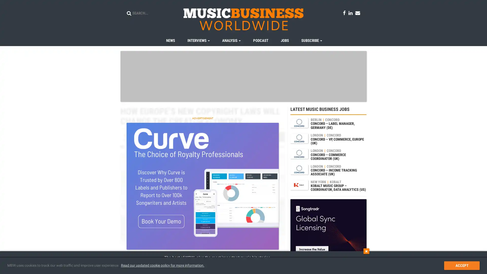  Describe the element at coordinates (162, 265) in the screenshot. I see `learn more about cookies` at that location.